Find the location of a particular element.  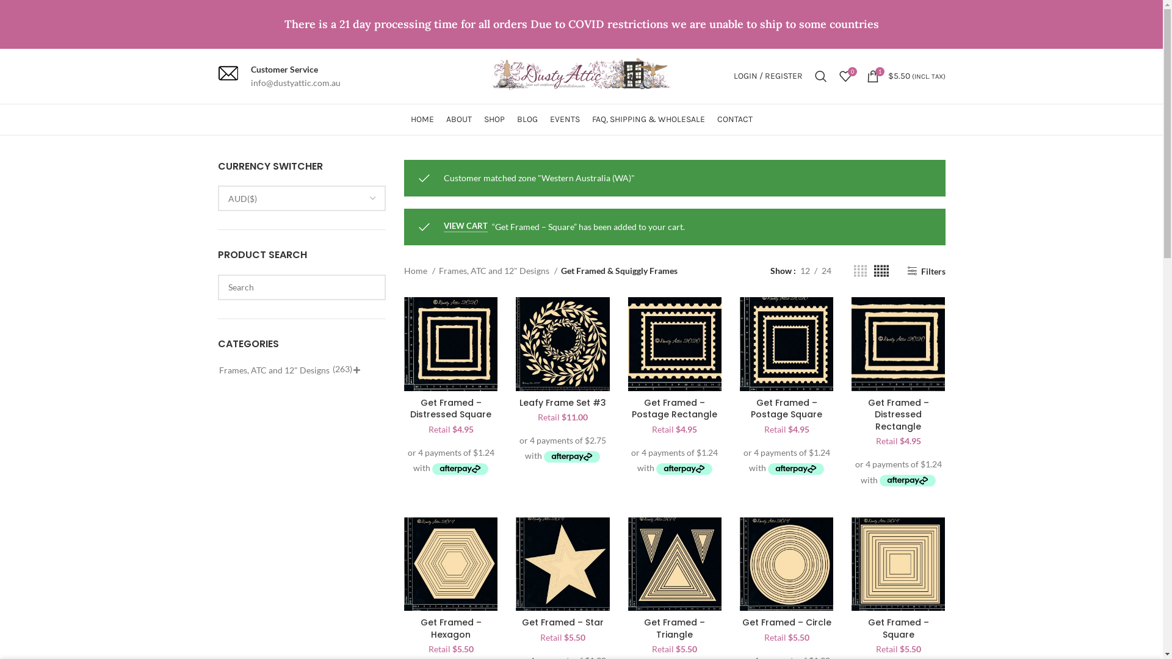

'VIEW CART' is located at coordinates (465, 226).